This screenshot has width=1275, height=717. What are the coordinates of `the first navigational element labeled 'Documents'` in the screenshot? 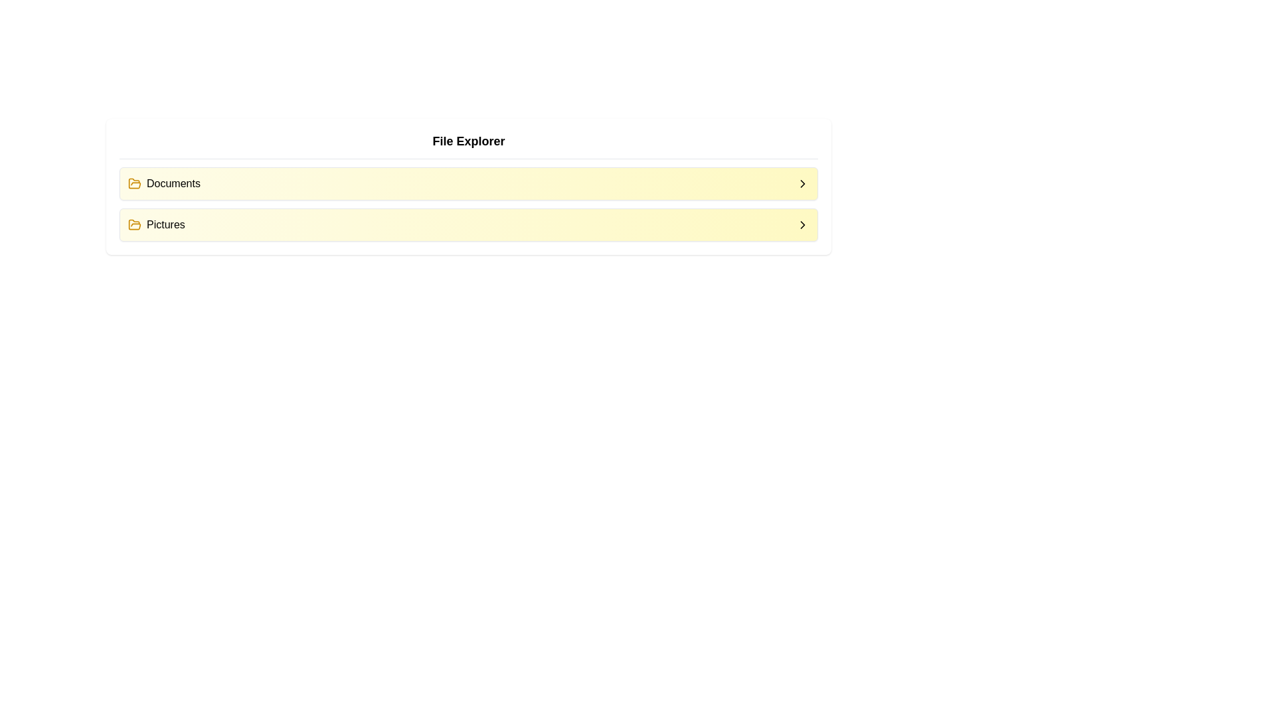 It's located at (468, 184).